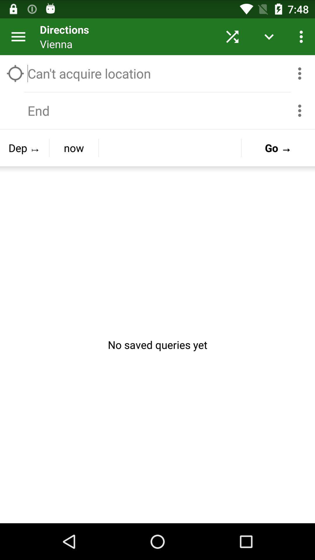  What do you see at coordinates (232, 36) in the screenshot?
I see `the button next to vienna` at bounding box center [232, 36].